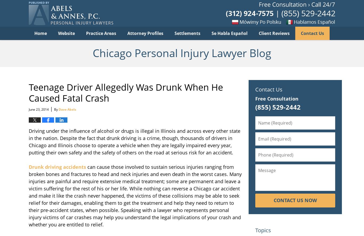 The height and width of the screenshot is (236, 364). I want to click on 'Home', so click(40, 33).